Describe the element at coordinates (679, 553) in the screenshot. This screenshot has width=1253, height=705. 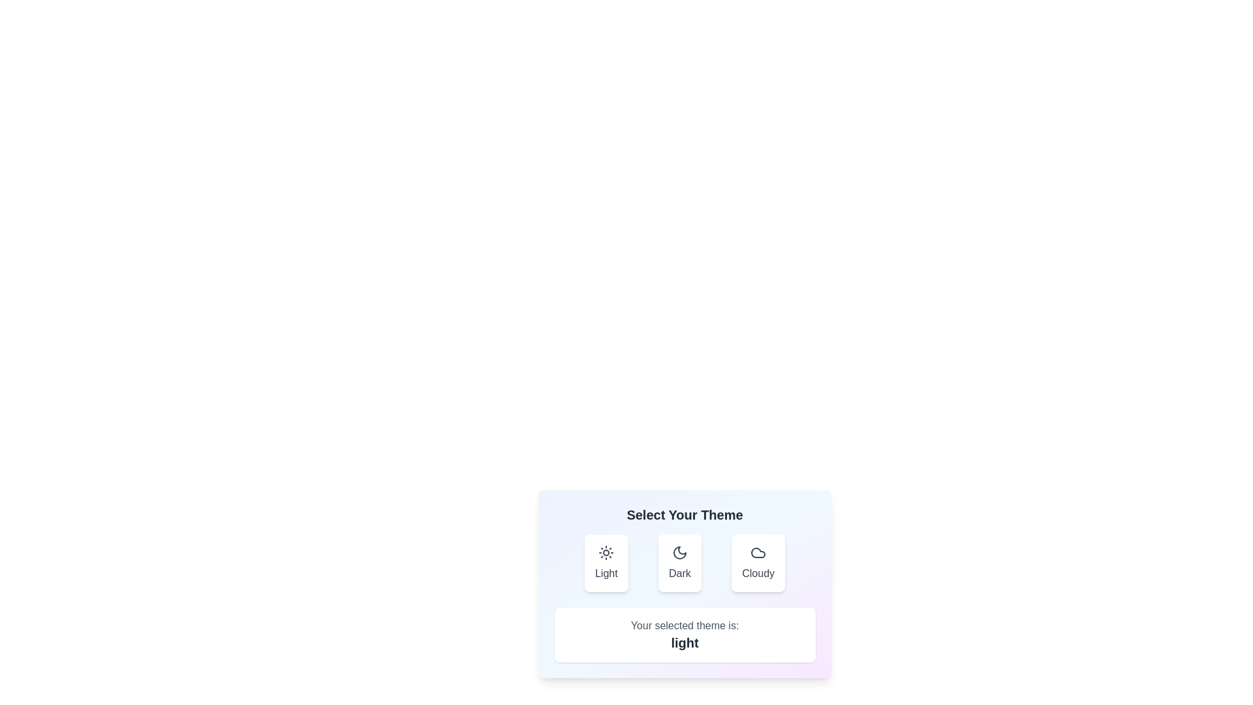
I see `the 'Dark' theme card located in the centered card group labeled 'Select Your Theme'` at that location.